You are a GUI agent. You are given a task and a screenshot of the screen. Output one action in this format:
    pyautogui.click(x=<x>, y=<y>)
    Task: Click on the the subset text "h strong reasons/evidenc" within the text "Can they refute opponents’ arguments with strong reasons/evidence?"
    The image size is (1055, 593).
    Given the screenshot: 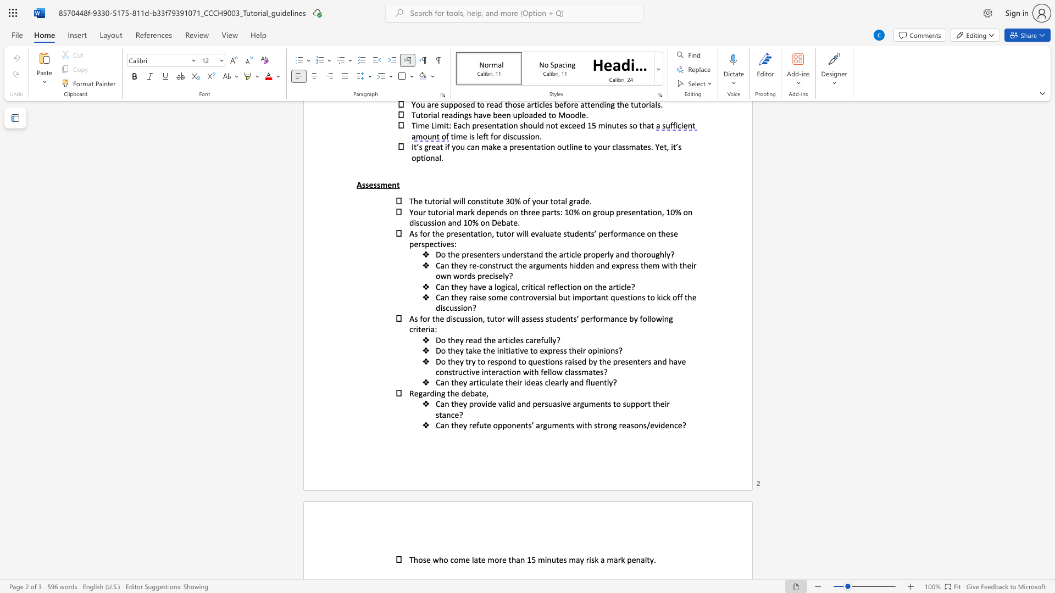 What is the action you would take?
    pyautogui.click(x=587, y=424)
    